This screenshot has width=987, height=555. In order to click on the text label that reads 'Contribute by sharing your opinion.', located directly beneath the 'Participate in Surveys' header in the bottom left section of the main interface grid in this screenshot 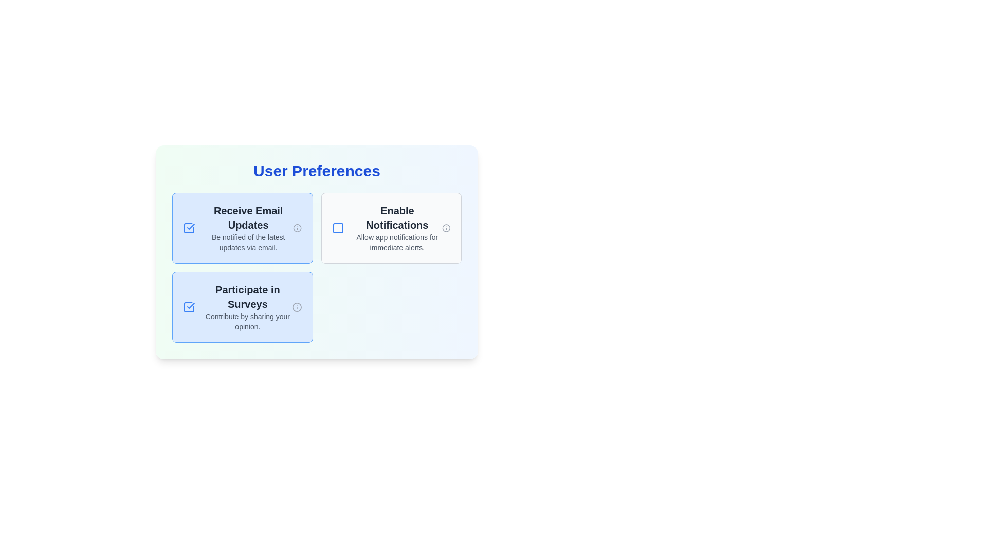, I will do `click(247, 321)`.